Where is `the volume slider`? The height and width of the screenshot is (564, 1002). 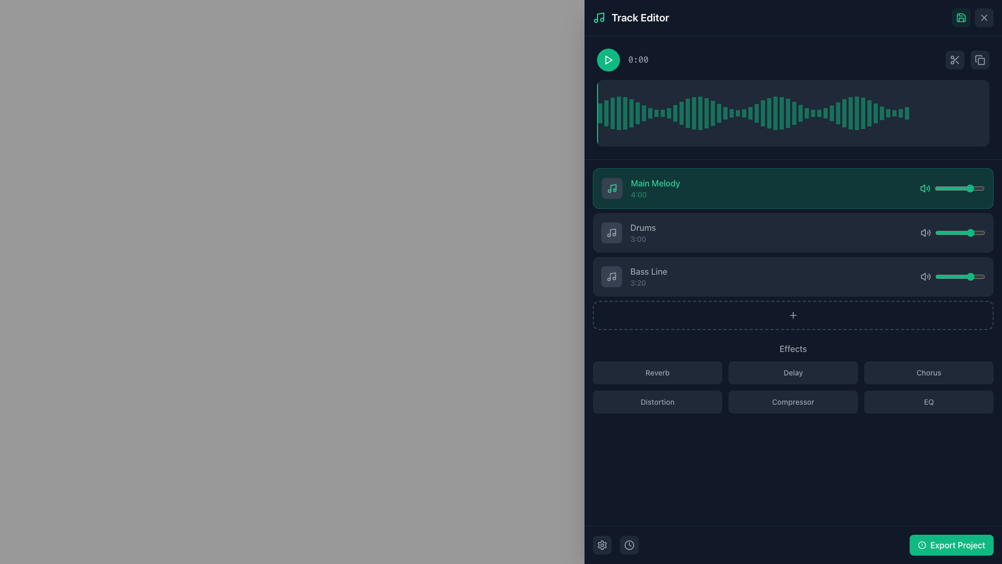
the volume slider is located at coordinates (968, 276).